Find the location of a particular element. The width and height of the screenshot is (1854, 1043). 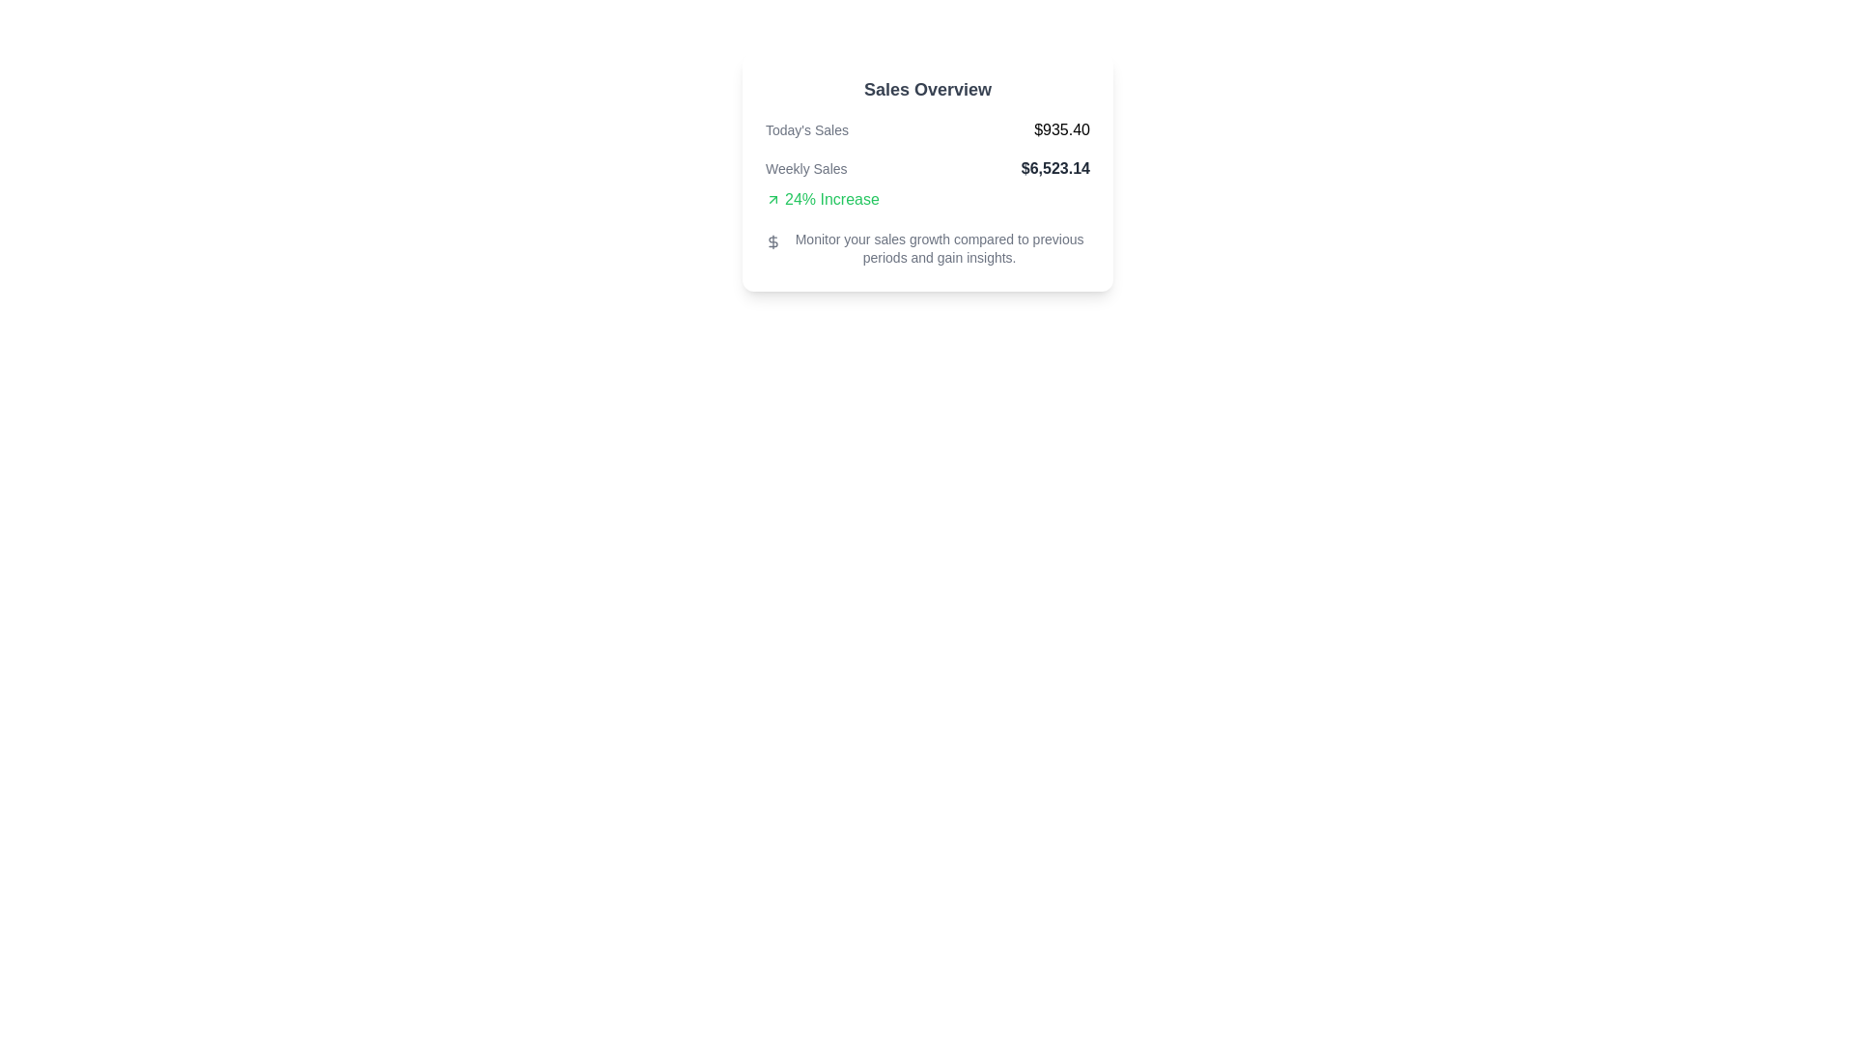

the financial icon located to the left of the text block that reads 'Monitor your sales growth compared to previous periods and gain insights.' is located at coordinates (773, 240).